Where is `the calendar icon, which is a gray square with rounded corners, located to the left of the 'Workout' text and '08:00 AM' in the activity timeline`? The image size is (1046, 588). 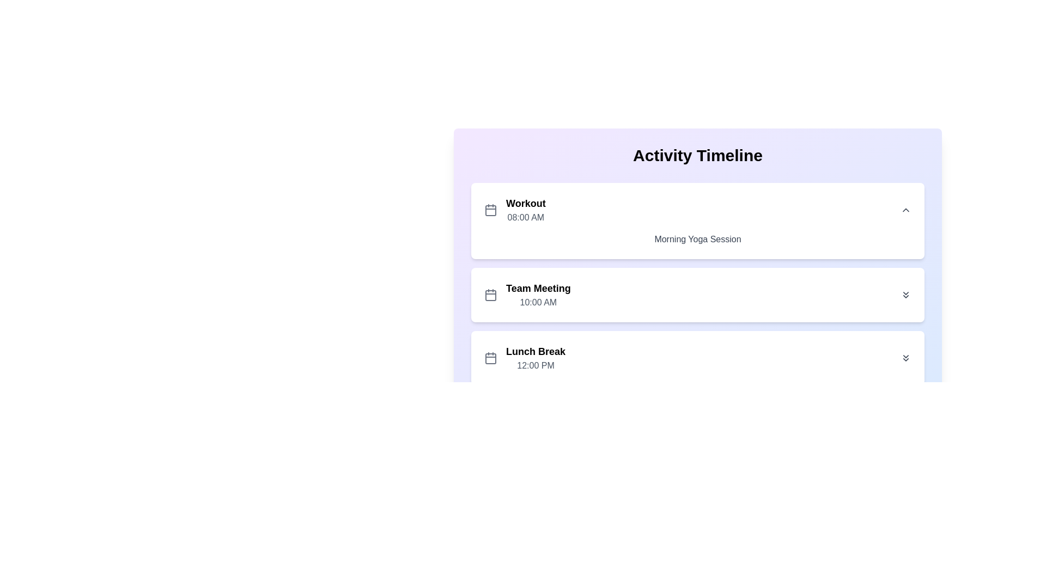
the calendar icon, which is a gray square with rounded corners, located to the left of the 'Workout' text and '08:00 AM' in the activity timeline is located at coordinates (490, 210).